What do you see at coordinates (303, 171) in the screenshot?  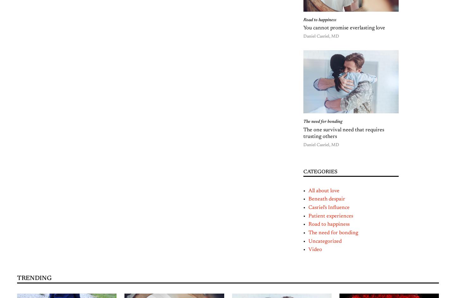 I see `'Categories'` at bounding box center [303, 171].